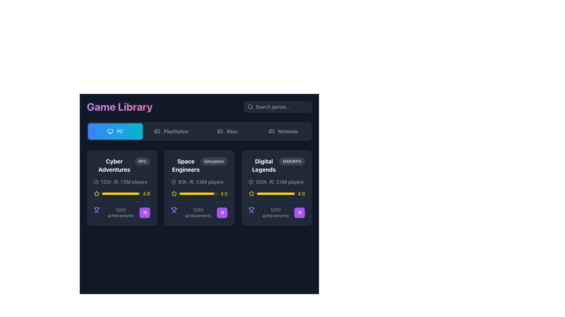 This screenshot has width=565, height=317. What do you see at coordinates (173, 182) in the screenshot?
I see `the SVG circle that represents time information in the 'Space Engineers' game card, located centrally on the top-left side of the card interface` at bounding box center [173, 182].